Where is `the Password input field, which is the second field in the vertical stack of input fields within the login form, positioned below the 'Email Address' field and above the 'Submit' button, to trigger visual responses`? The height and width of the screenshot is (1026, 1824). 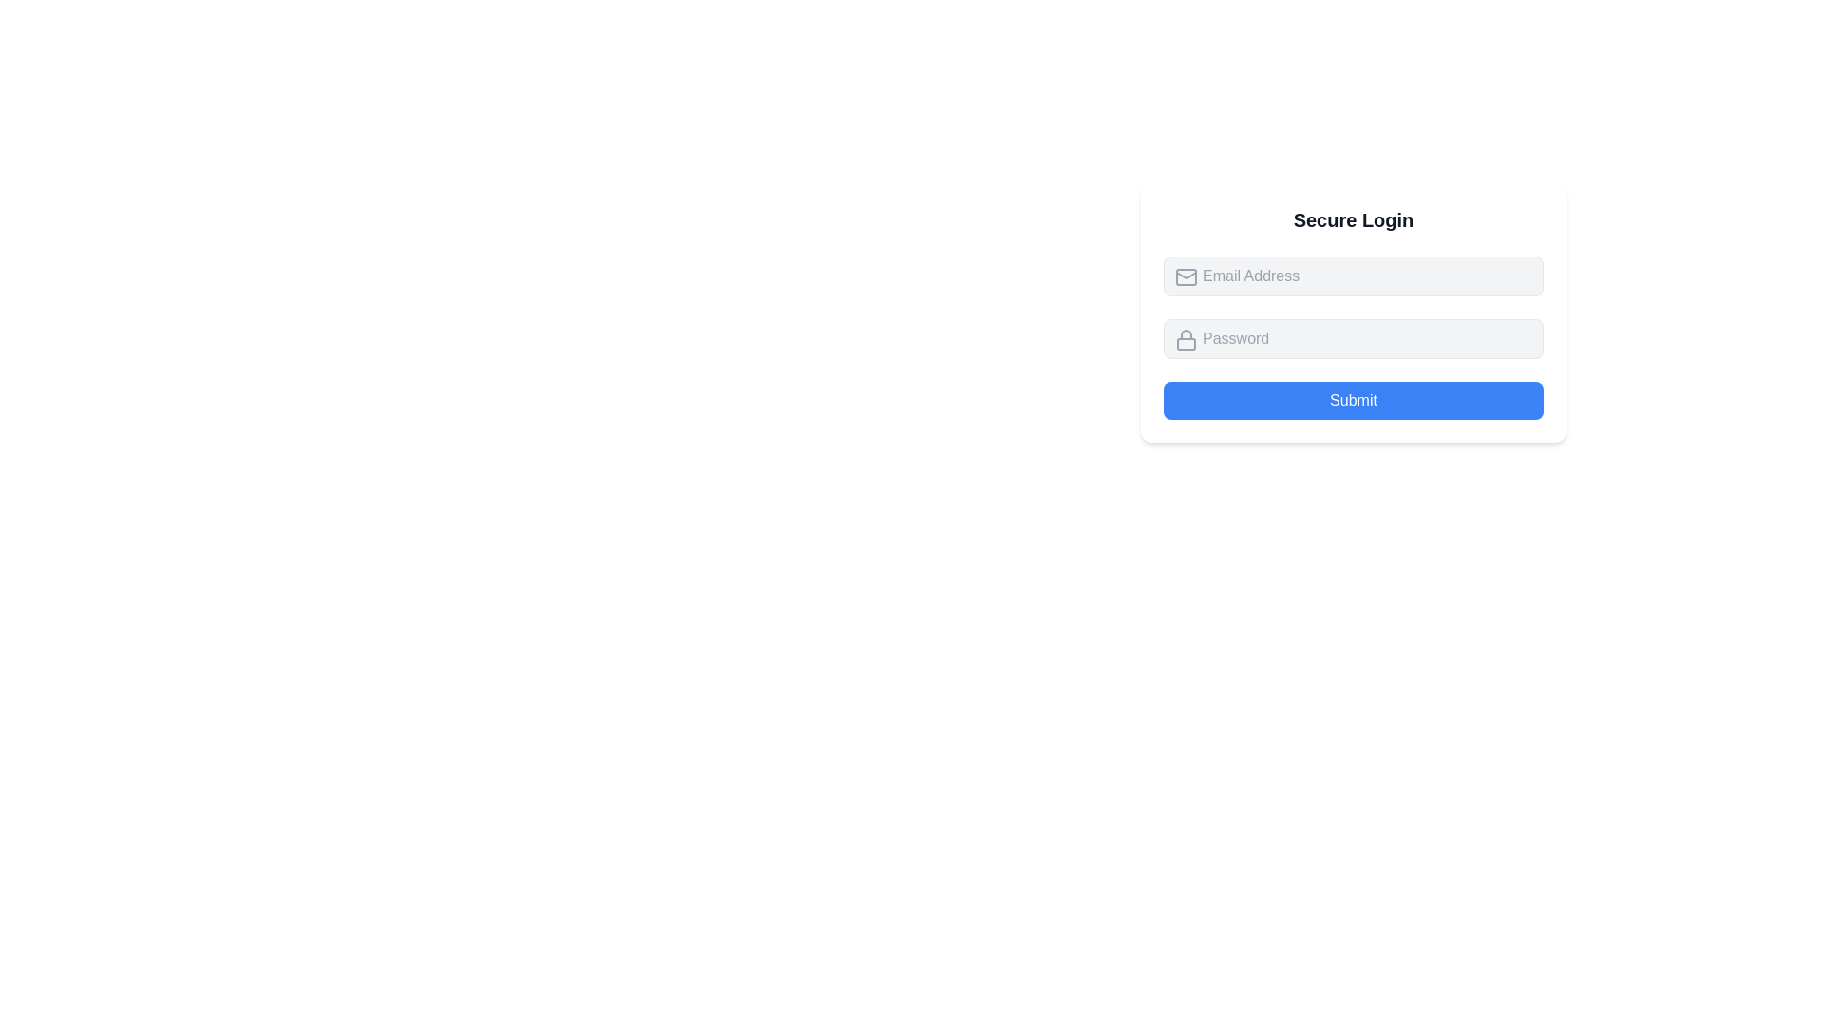
the Password input field, which is the second field in the vertical stack of input fields within the login form, positioned below the 'Email Address' field and above the 'Submit' button, to trigger visual responses is located at coordinates (1353, 338).